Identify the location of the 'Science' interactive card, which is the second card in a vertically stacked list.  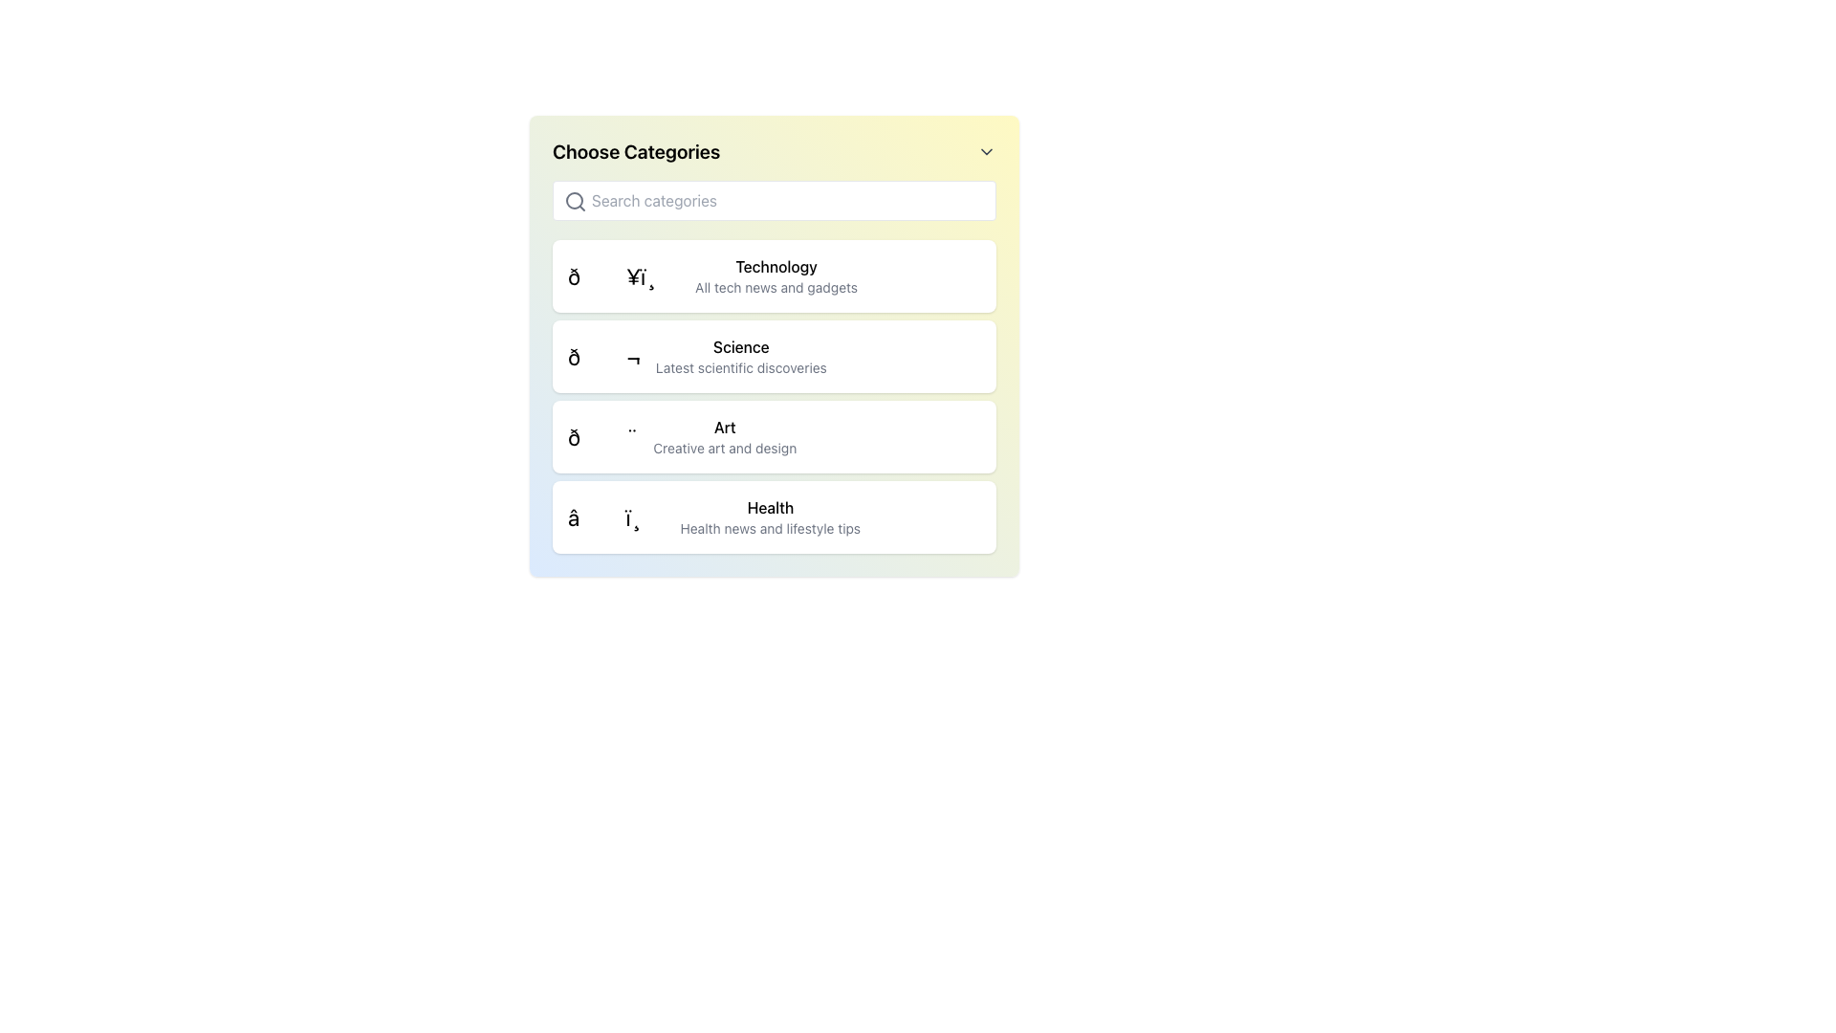
(775, 357).